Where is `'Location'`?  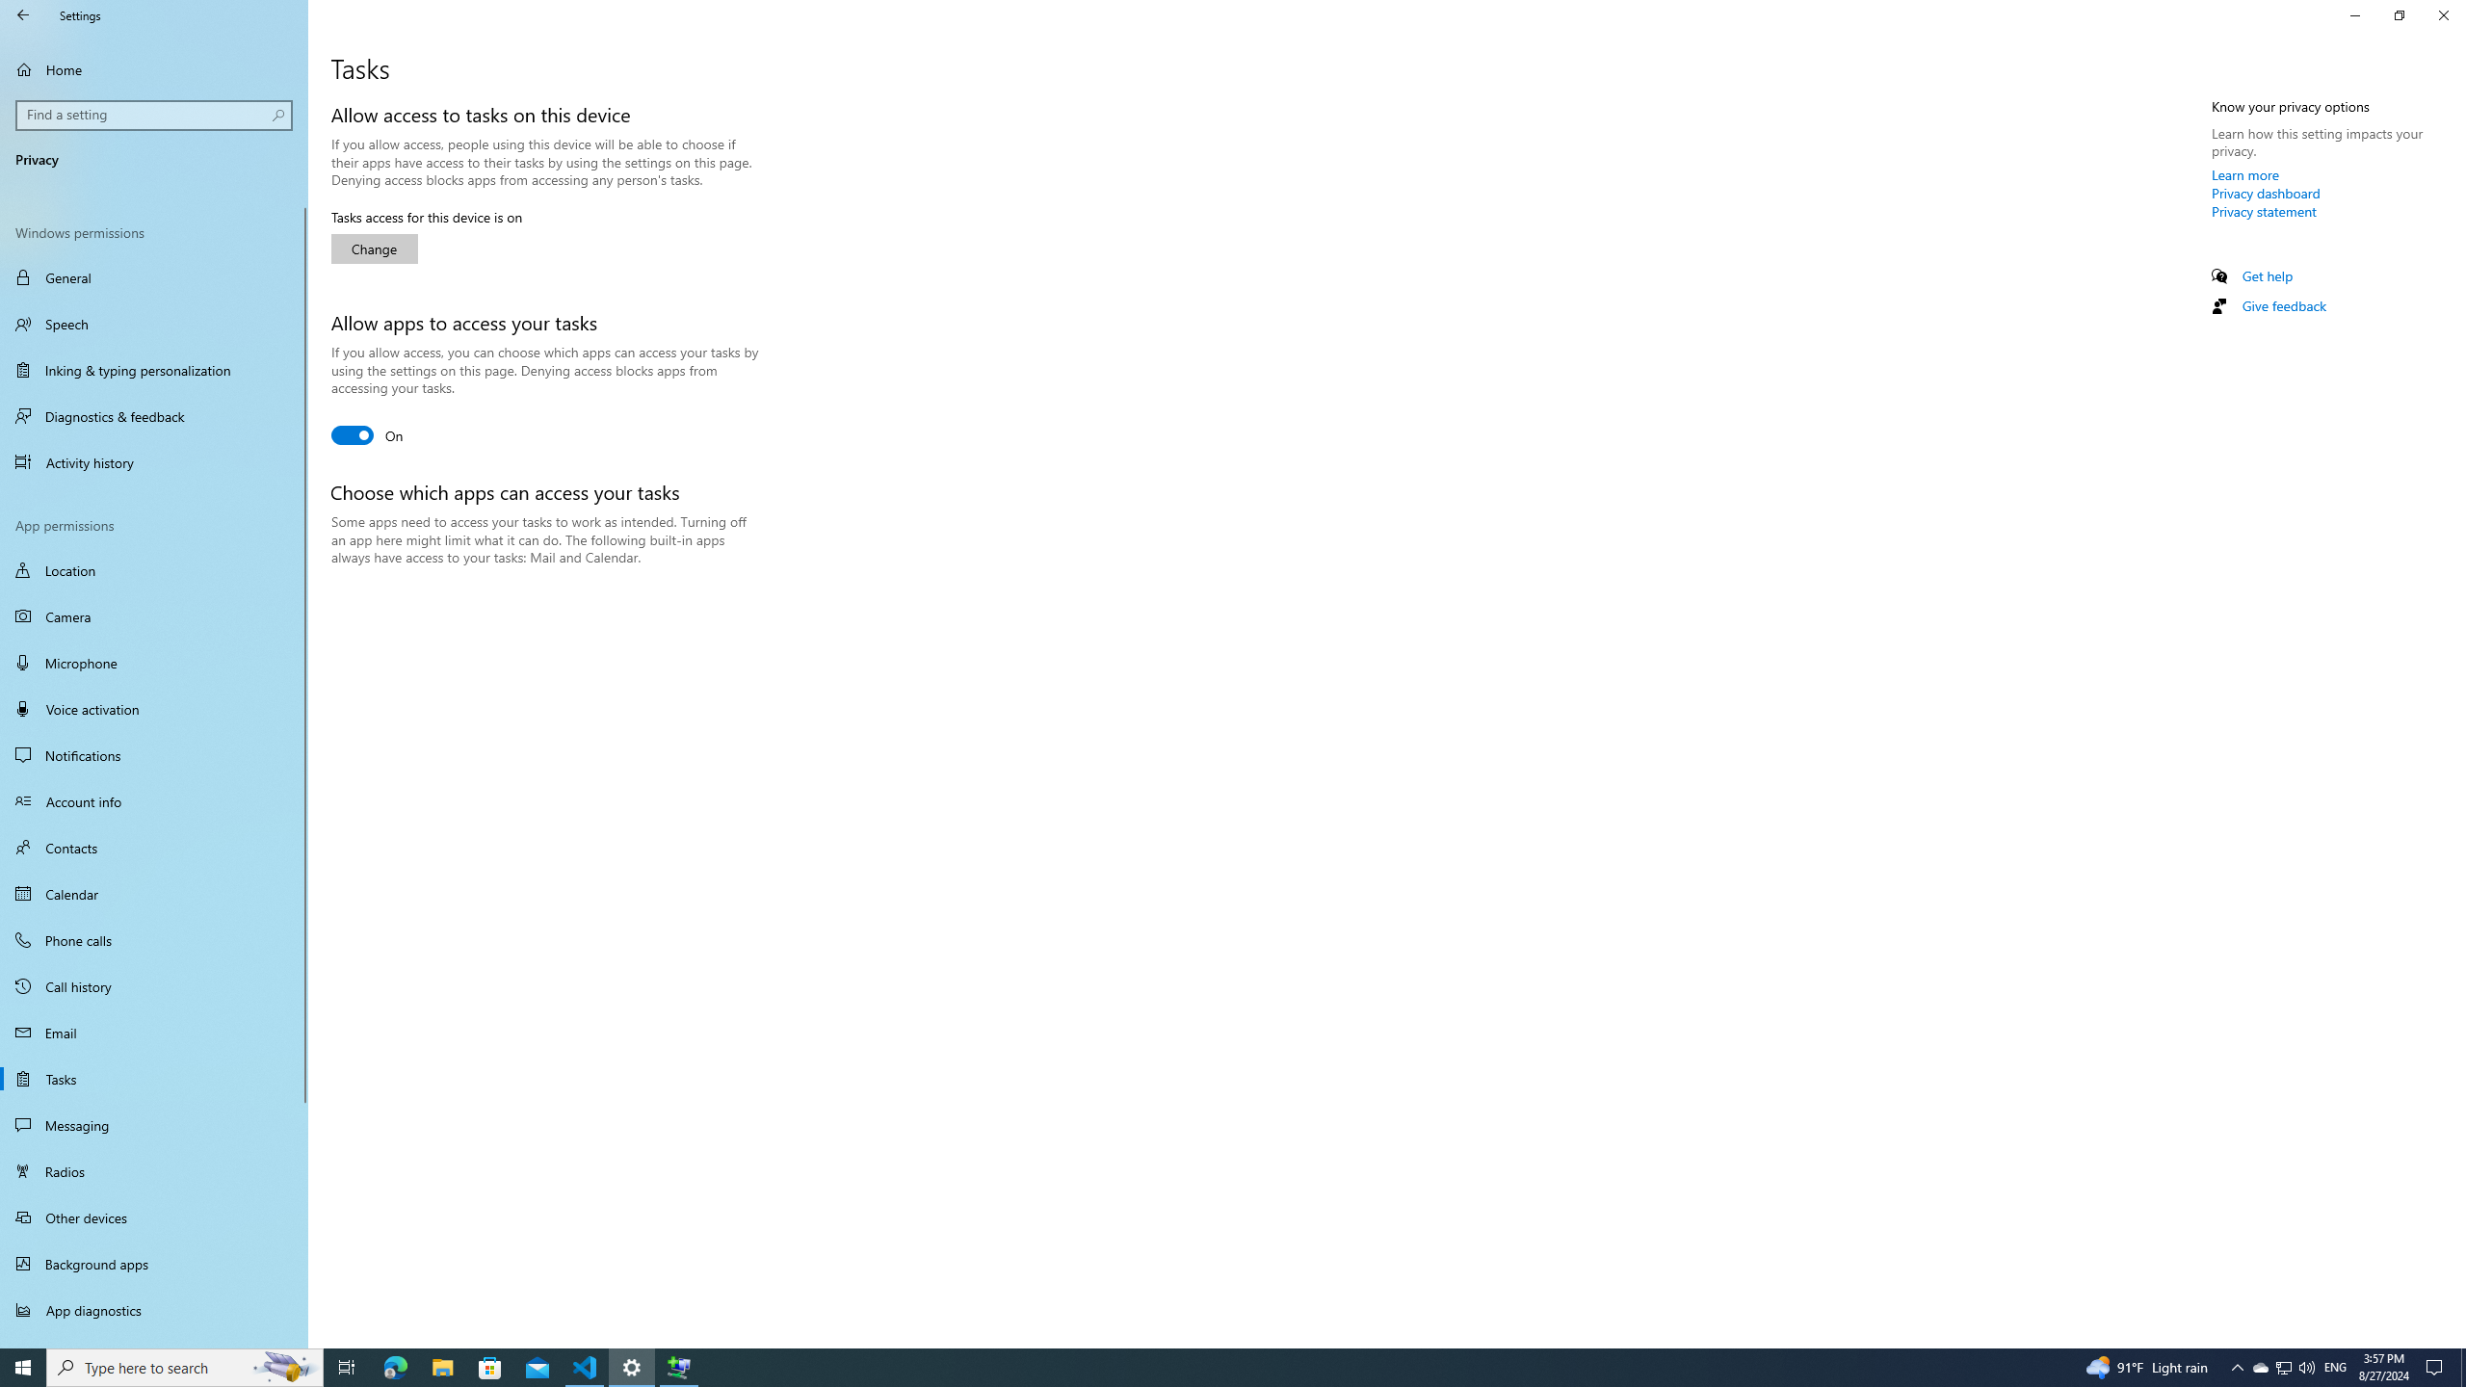 'Location' is located at coordinates (153, 568).